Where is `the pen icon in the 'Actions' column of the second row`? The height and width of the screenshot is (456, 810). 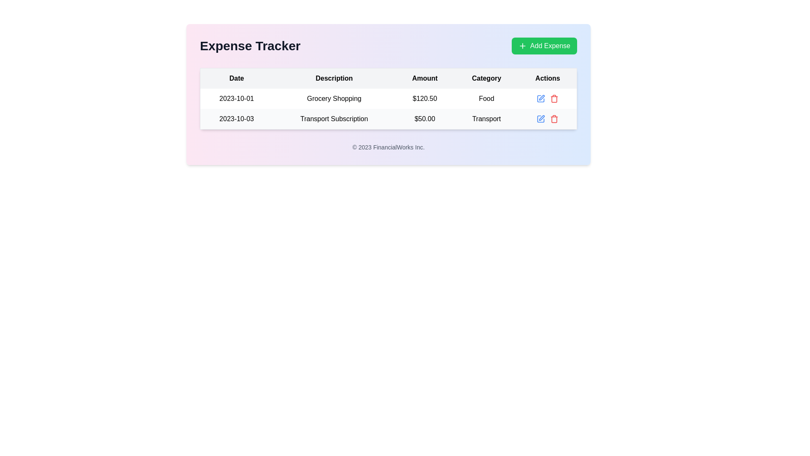 the pen icon in the 'Actions' column of the second row is located at coordinates (542, 118).